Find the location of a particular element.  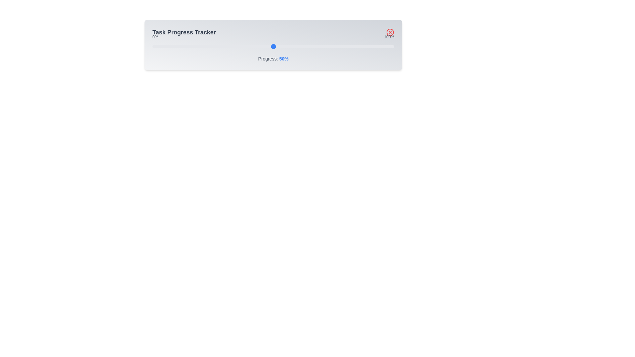

task progress is located at coordinates (222, 46).